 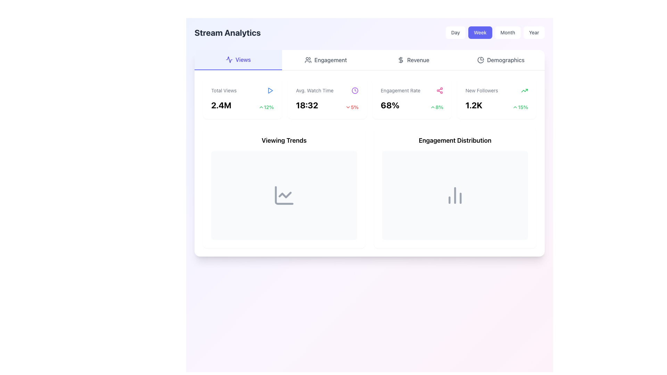 I want to click on the decorative text element indicating a positive percentage change (12%) located to the right of the '2.4M' text within the 'Total Views' card in the top-left section of the interface, so click(x=265, y=107).